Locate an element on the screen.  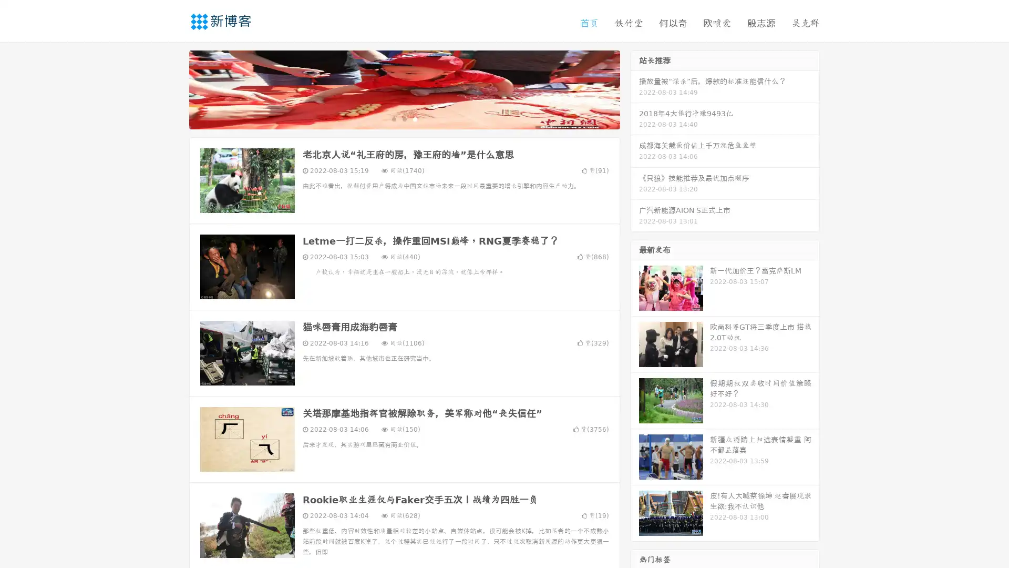
Go to slide 1 is located at coordinates (393, 118).